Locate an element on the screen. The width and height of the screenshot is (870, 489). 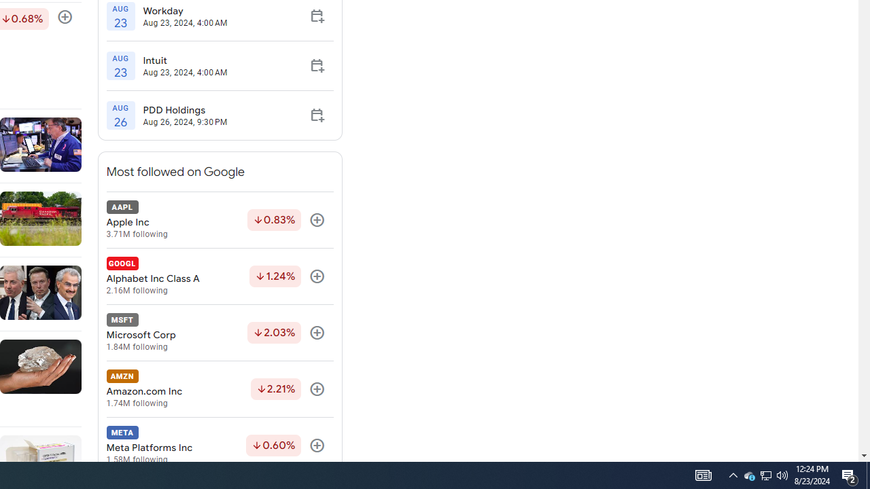
'Add to calendar' is located at coordinates (316, 114).